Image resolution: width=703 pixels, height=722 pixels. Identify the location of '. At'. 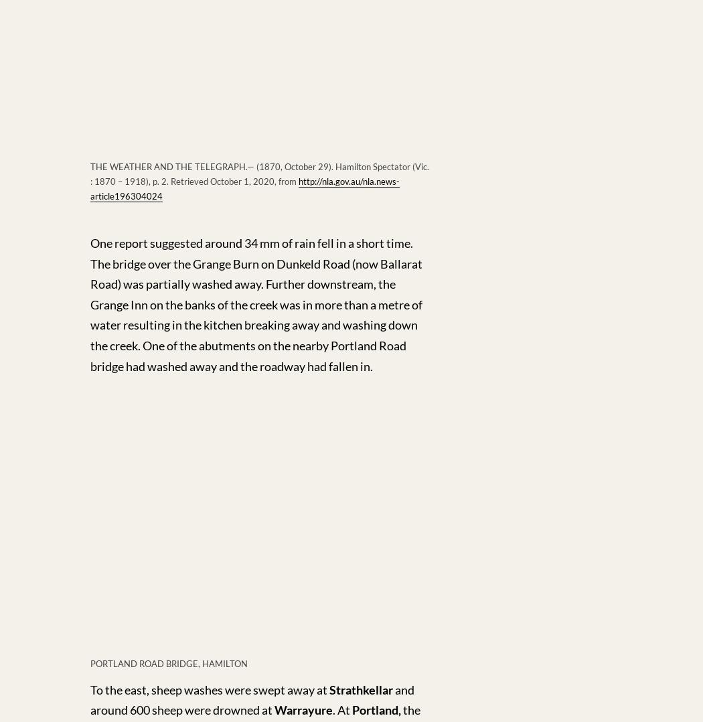
(331, 709).